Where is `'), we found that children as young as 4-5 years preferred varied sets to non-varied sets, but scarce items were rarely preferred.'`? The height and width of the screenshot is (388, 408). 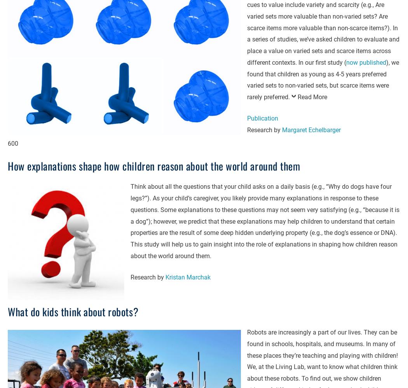
'), we found that children as young as 4-5 years preferred varied sets to non-varied sets, but scarce items were rarely preferred.' is located at coordinates (323, 79).